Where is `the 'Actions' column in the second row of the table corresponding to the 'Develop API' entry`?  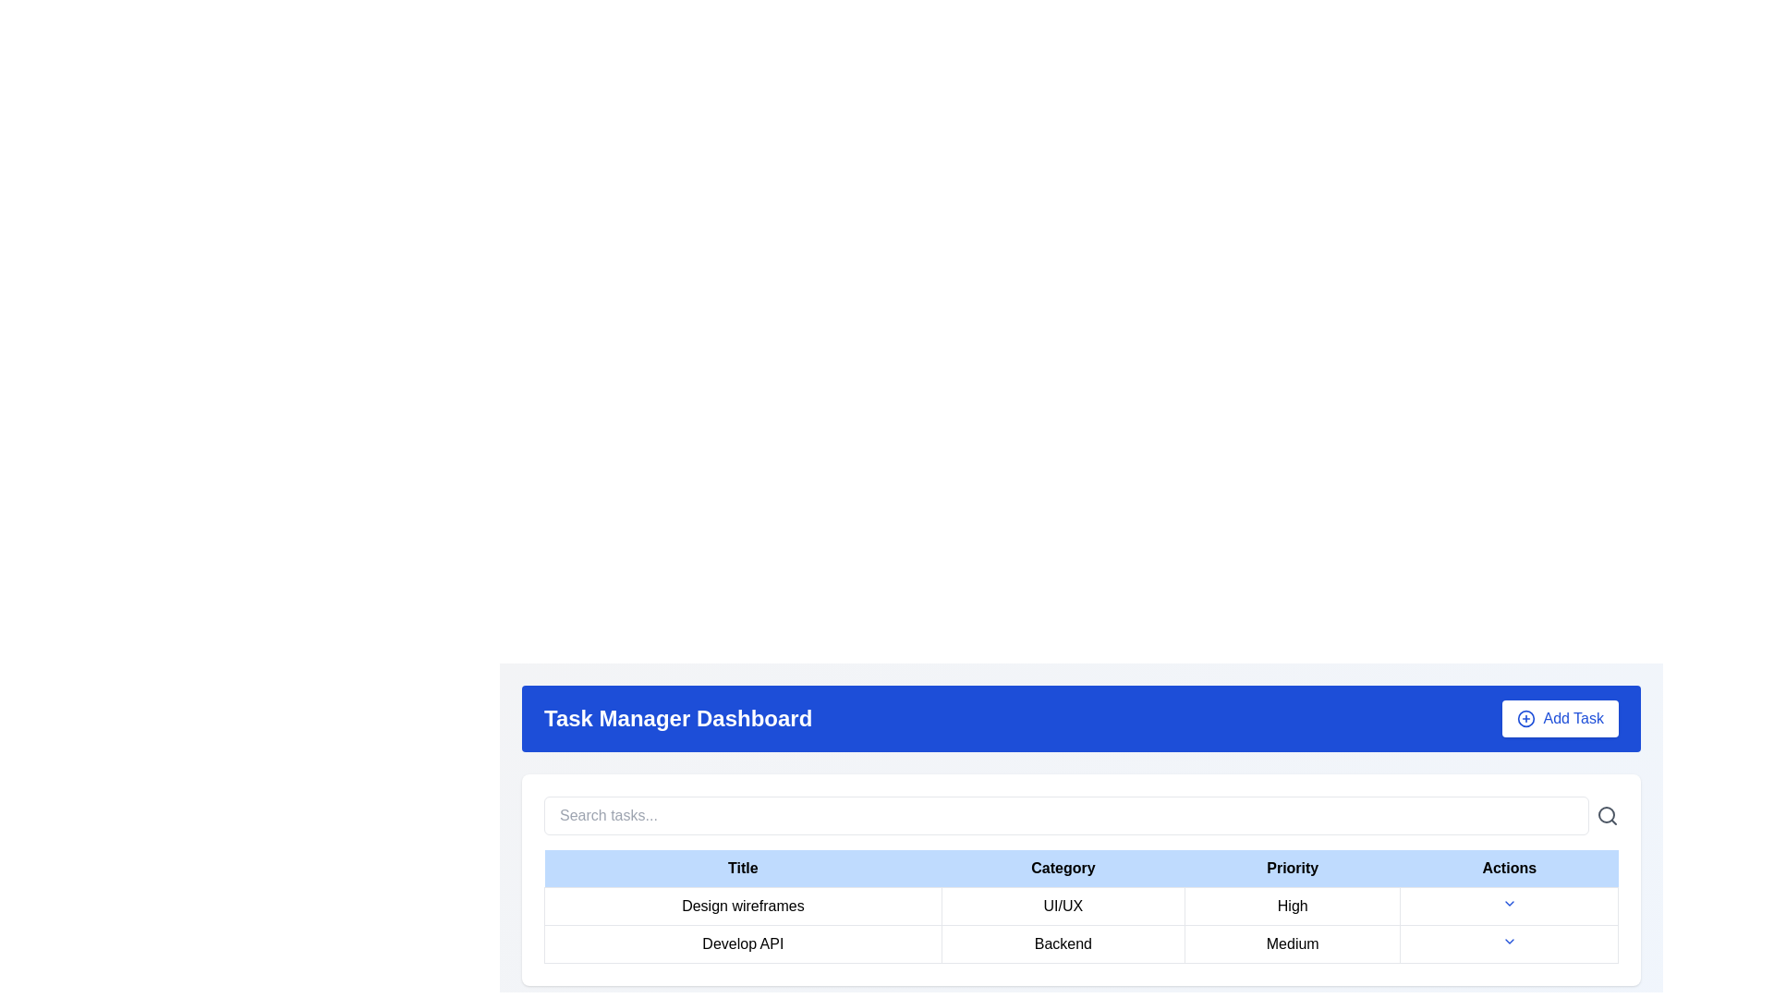
the 'Actions' column in the second row of the table corresponding to the 'Develop API' entry is located at coordinates (1509, 944).